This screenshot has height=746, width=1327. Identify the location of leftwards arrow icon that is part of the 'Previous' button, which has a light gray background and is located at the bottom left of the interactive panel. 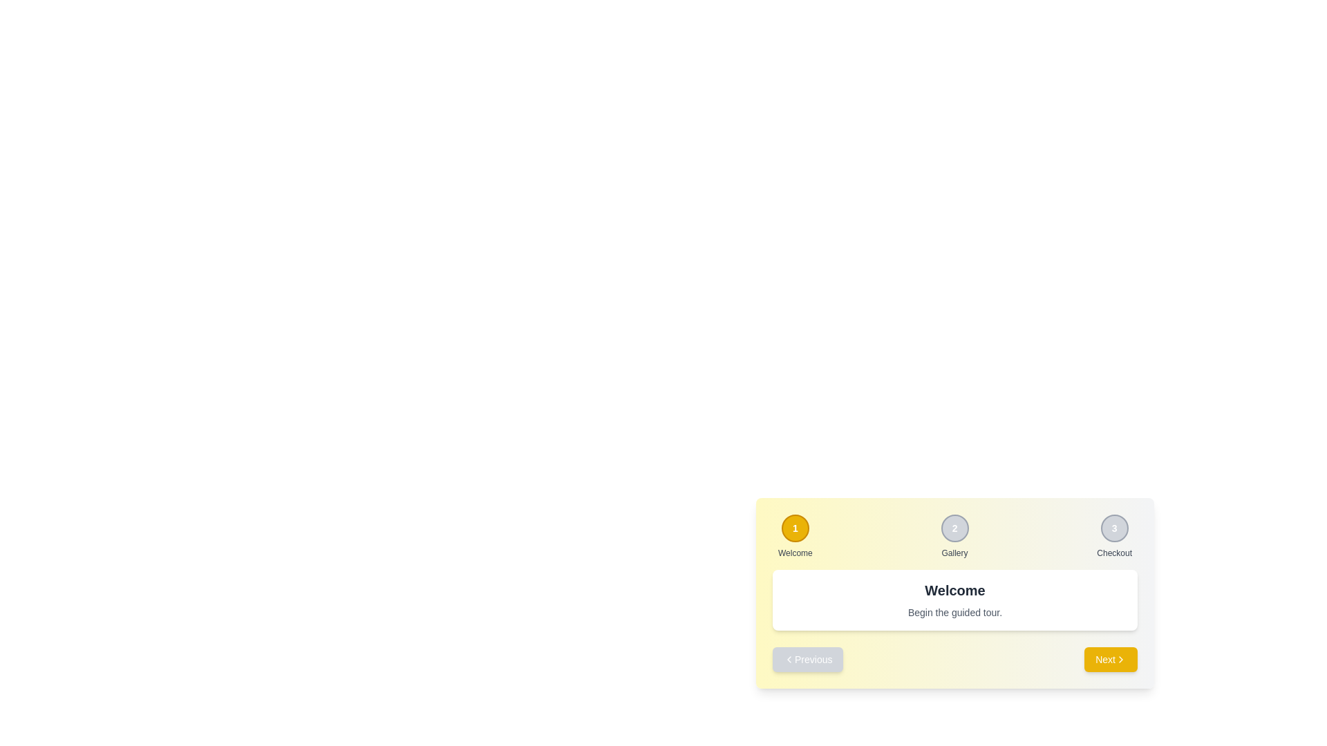
(789, 659).